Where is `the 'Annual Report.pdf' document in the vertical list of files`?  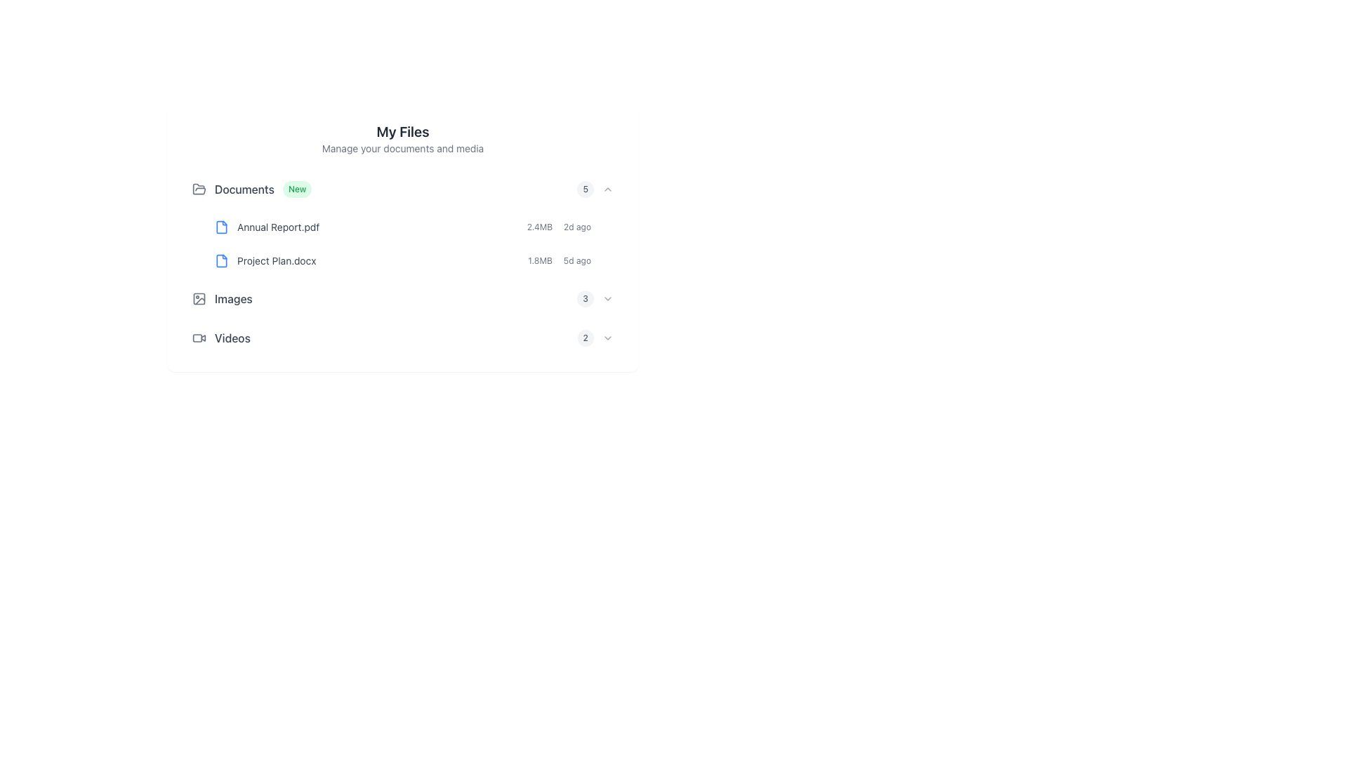 the 'Annual Report.pdf' document in the vertical list of files is located at coordinates (414, 243).